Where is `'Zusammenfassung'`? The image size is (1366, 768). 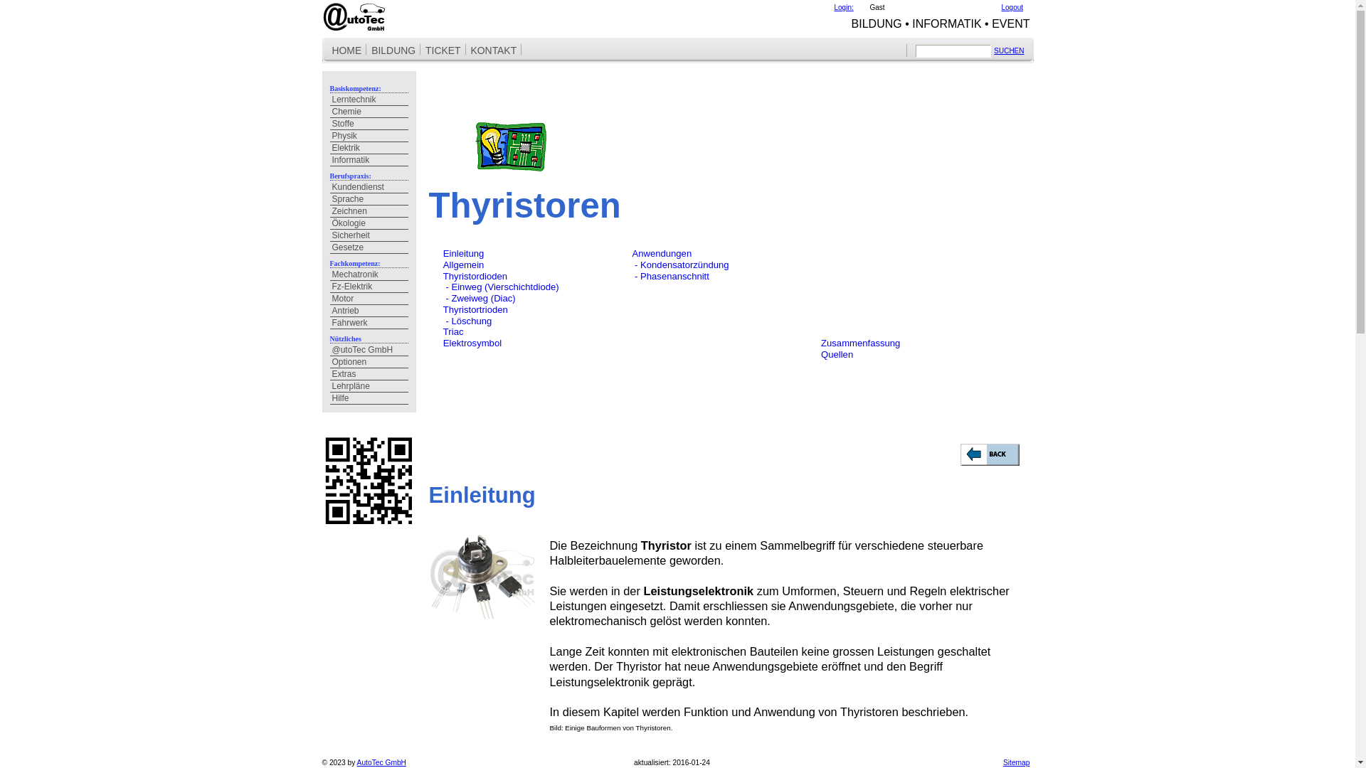
'Zusammenfassung' is located at coordinates (859, 343).